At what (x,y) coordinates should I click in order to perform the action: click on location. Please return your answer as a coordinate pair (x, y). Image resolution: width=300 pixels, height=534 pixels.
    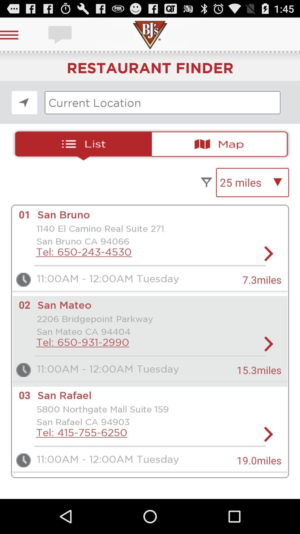
    Looking at the image, I should click on (24, 103).